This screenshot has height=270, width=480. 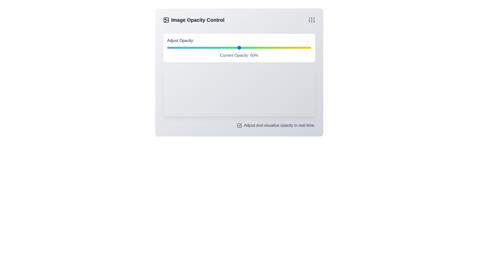 I want to click on the opacity value, so click(x=197, y=48).